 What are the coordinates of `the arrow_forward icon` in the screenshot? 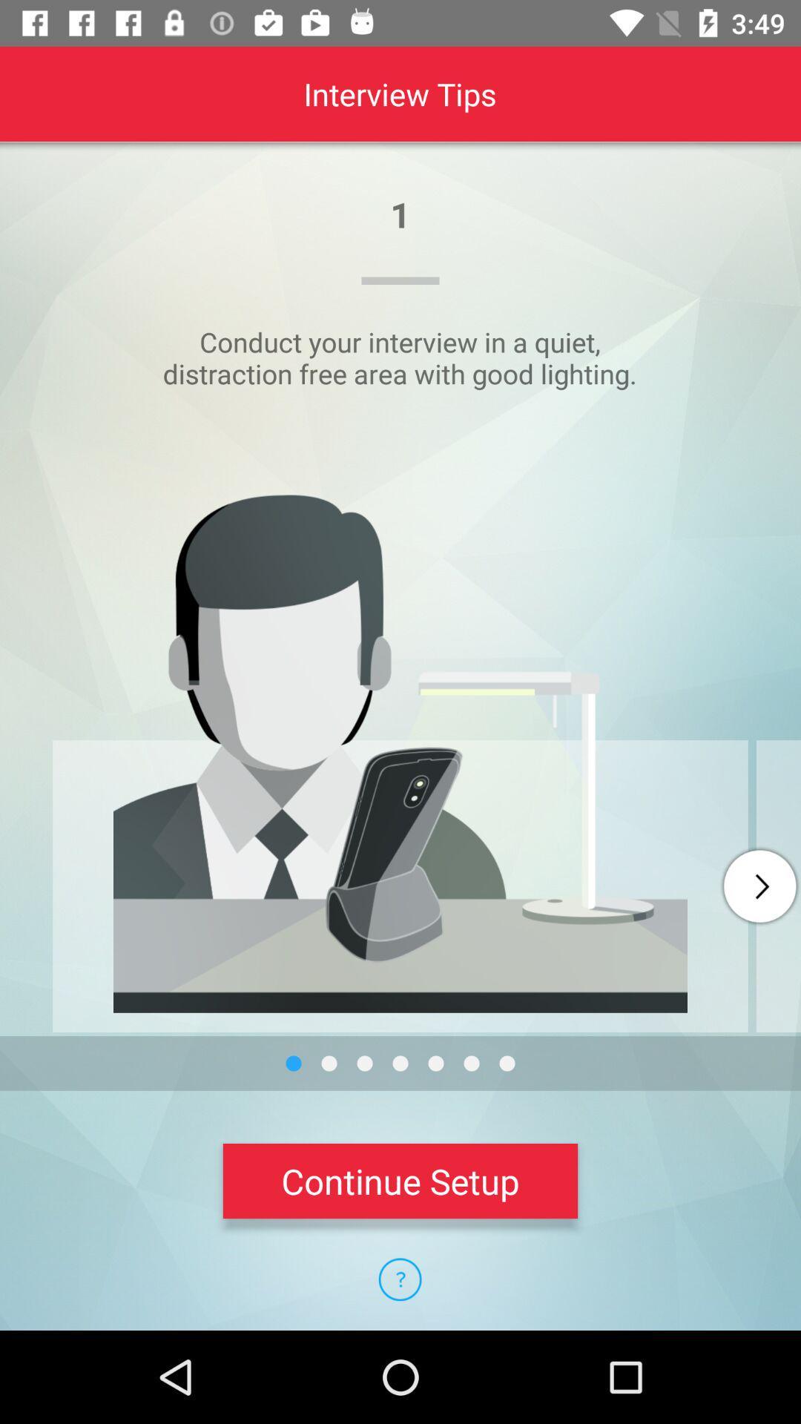 It's located at (759, 886).